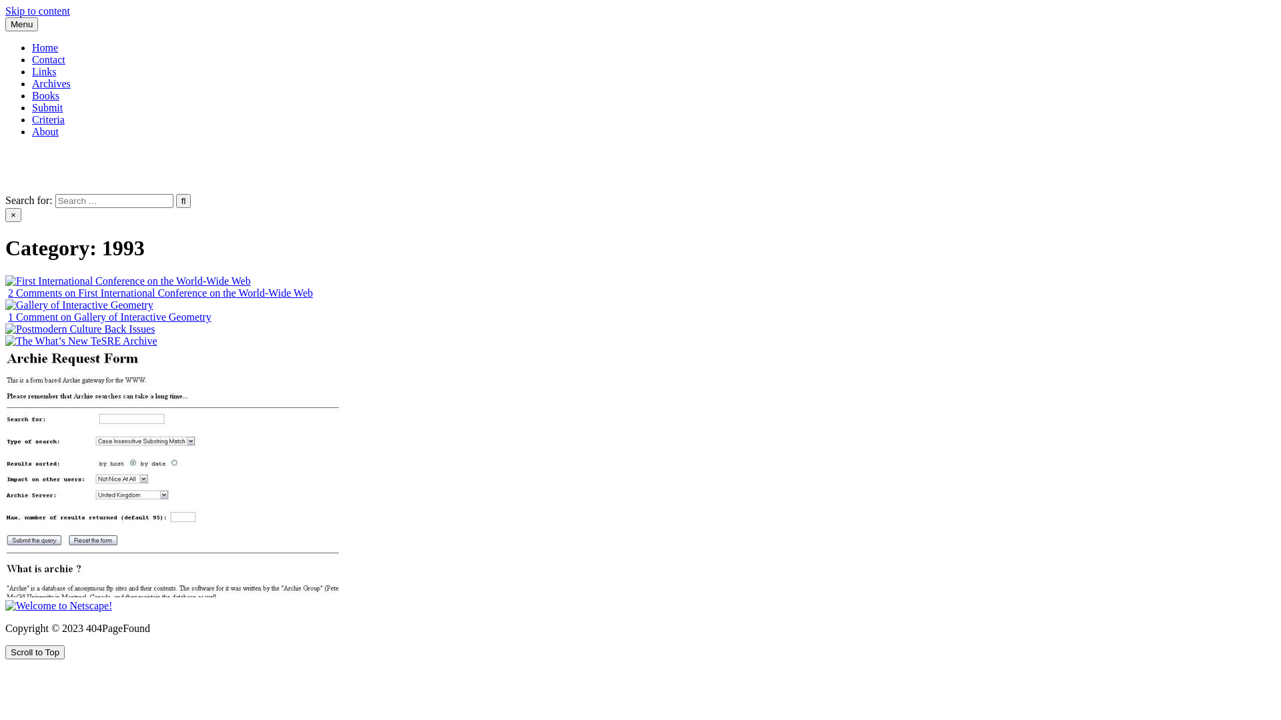  I want to click on 'Skip to content', so click(37, 11).